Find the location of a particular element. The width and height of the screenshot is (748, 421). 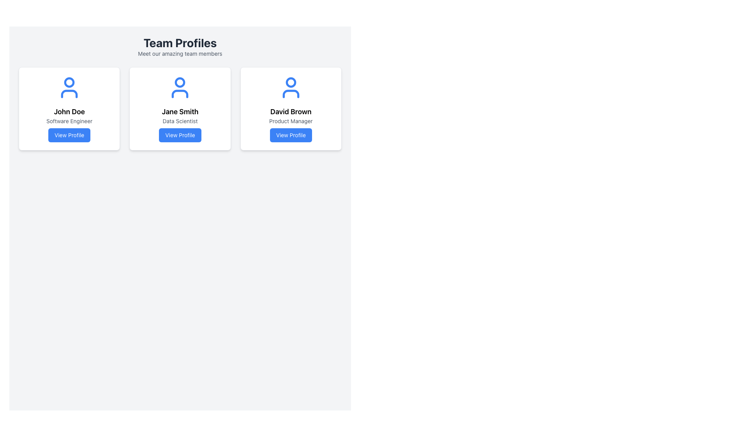

the lower part of the SVG user profile icon representing 'David Brown' in the profile card is located at coordinates (290, 93).